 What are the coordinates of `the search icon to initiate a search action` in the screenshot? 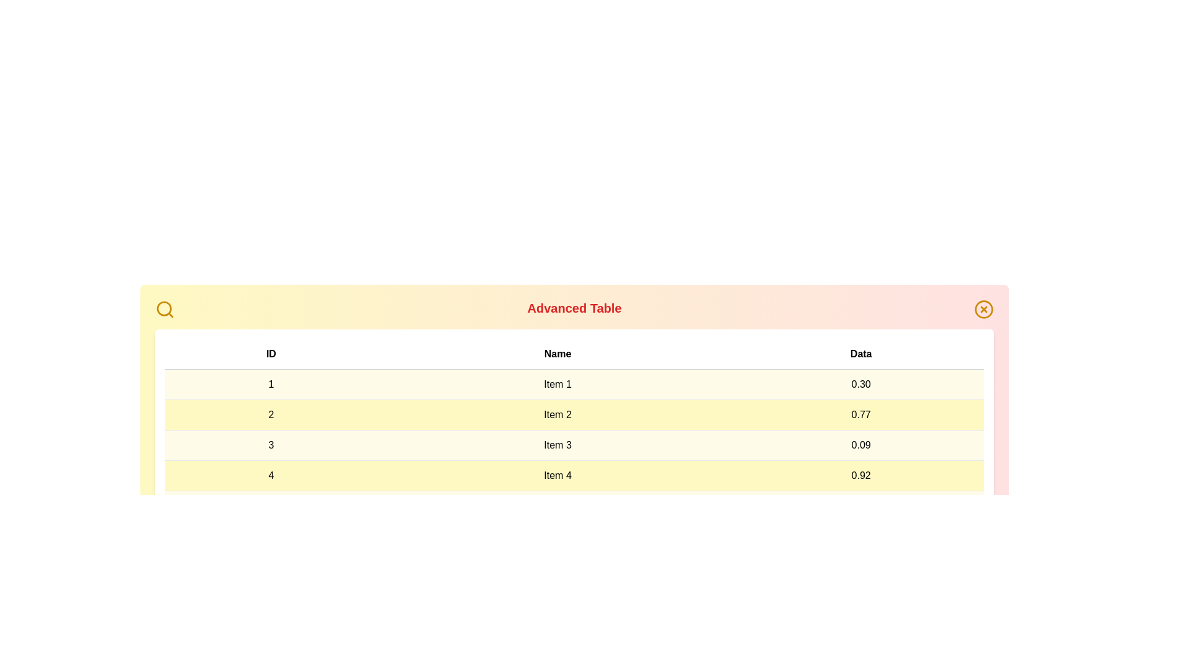 It's located at (164, 308).